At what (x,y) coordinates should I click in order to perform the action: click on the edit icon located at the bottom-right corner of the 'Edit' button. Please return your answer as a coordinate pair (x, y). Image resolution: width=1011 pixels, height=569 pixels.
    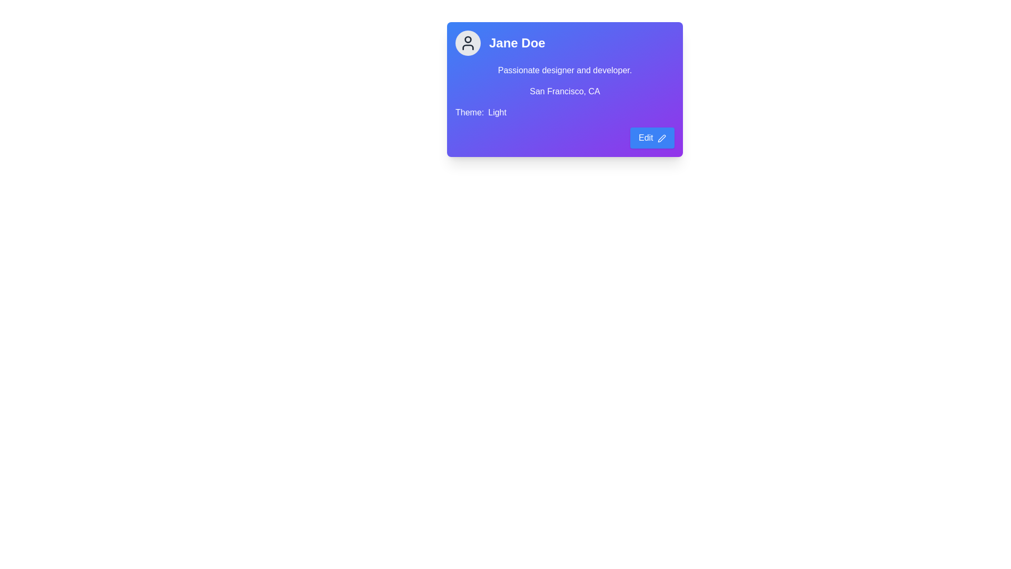
    Looking at the image, I should click on (661, 138).